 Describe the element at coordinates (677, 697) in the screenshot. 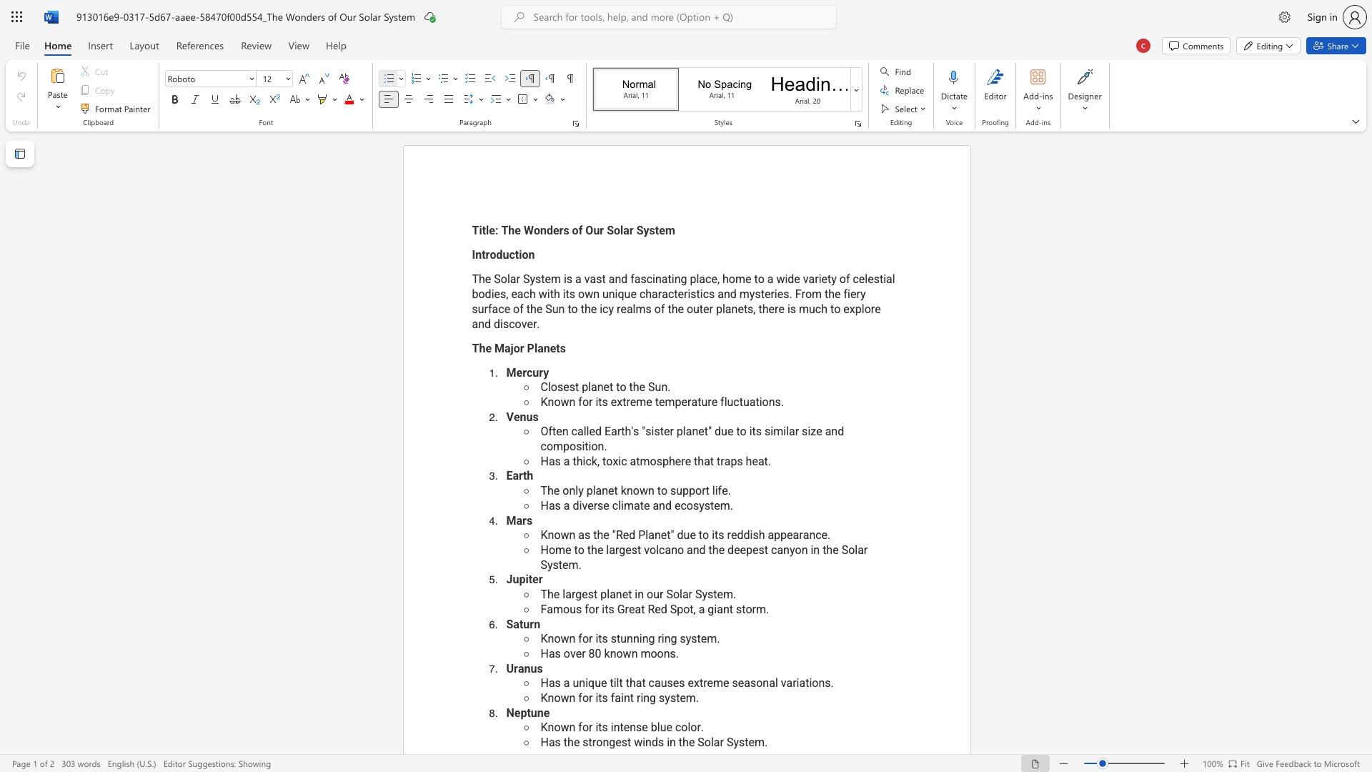

I see `the 3th character "t" in the text` at that location.